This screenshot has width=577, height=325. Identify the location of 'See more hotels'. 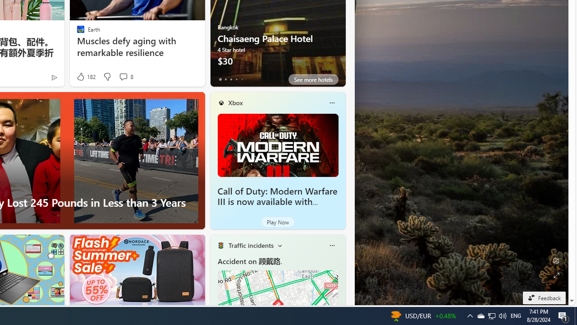
(313, 79).